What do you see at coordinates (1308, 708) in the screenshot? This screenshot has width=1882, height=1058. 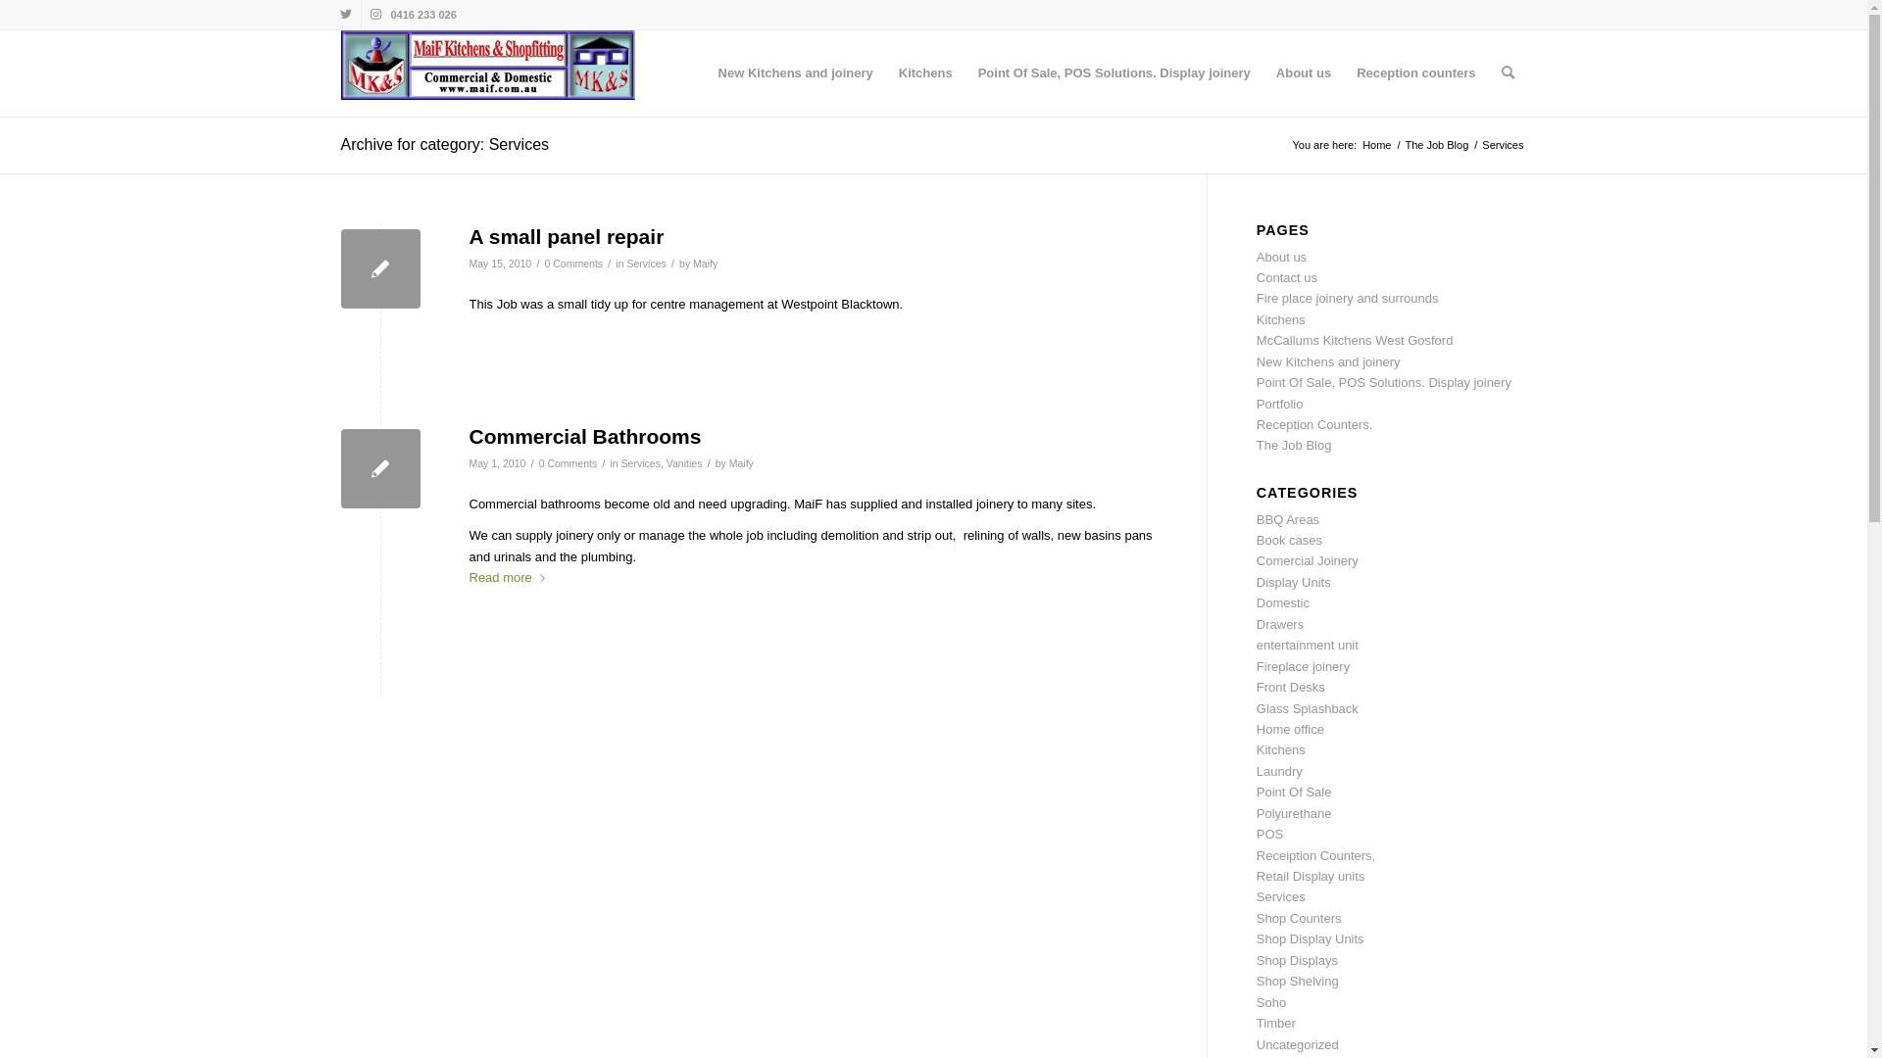 I see `'Glass Splashback'` at bounding box center [1308, 708].